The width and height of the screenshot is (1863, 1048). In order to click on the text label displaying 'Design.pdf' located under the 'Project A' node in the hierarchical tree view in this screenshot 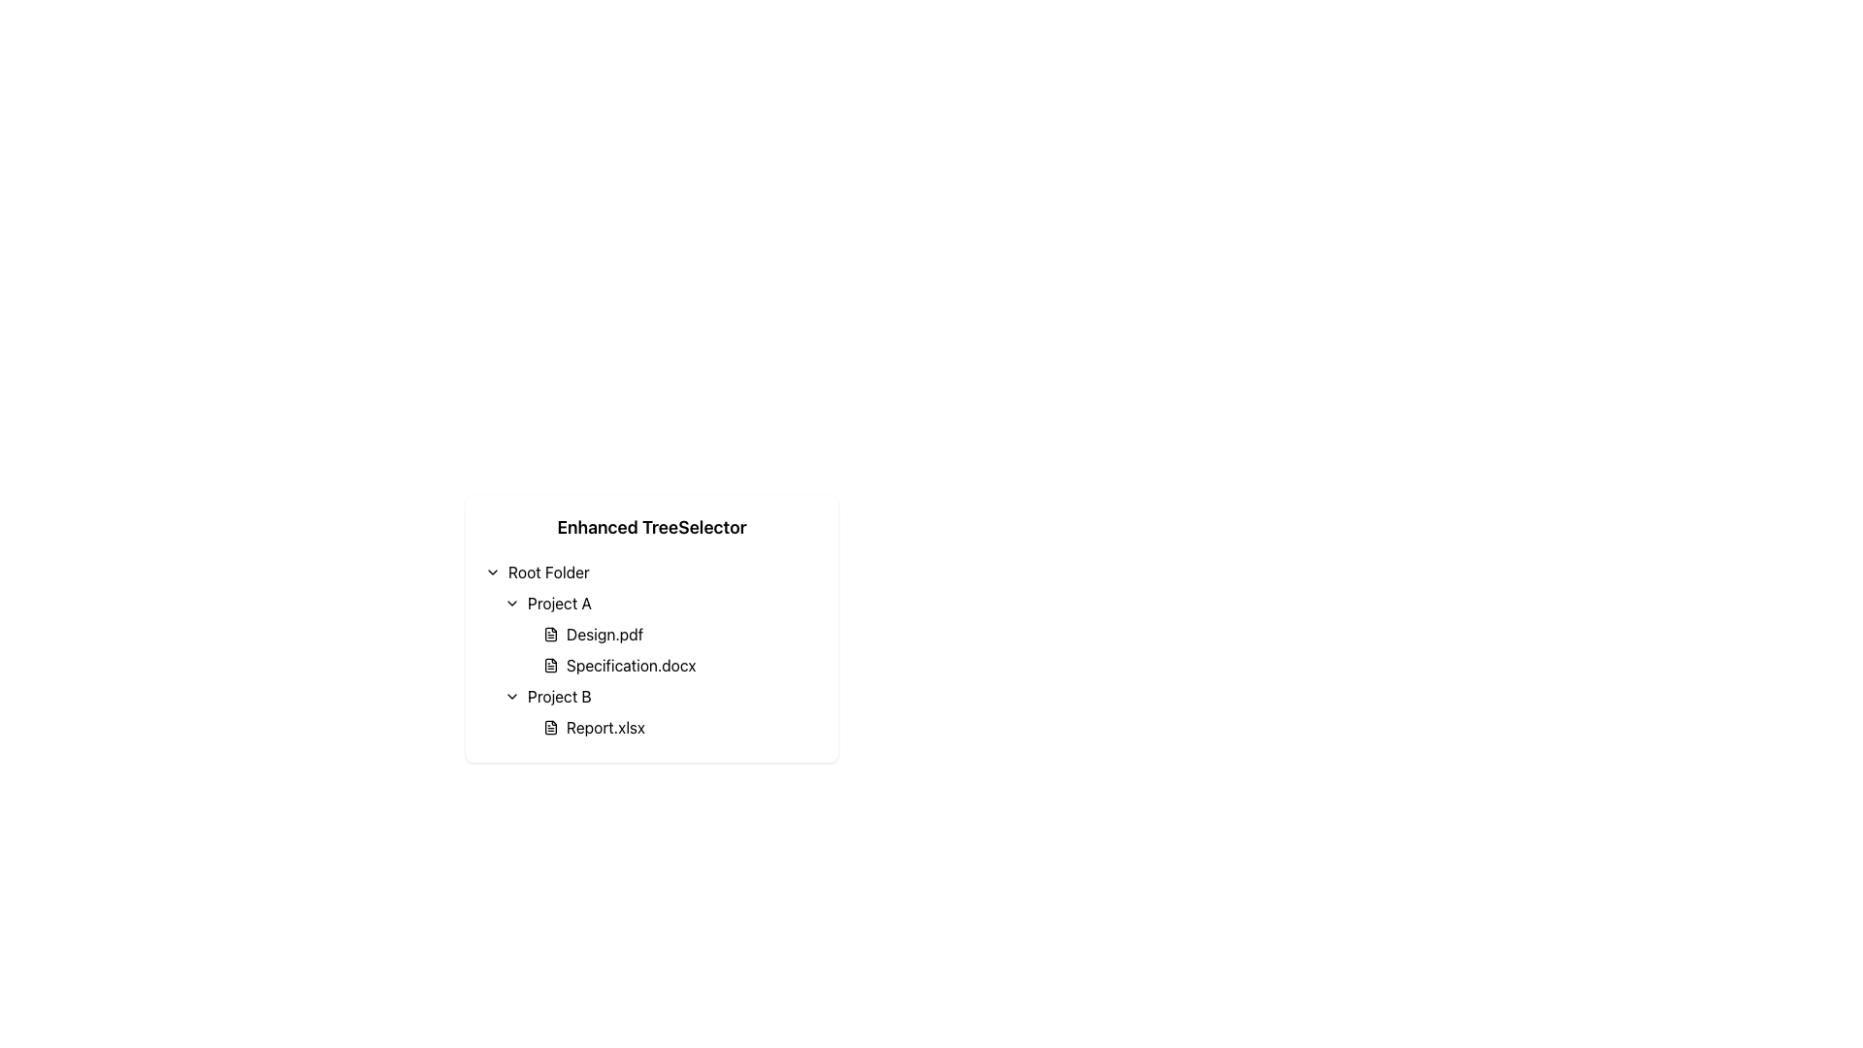, I will do `click(604, 635)`.